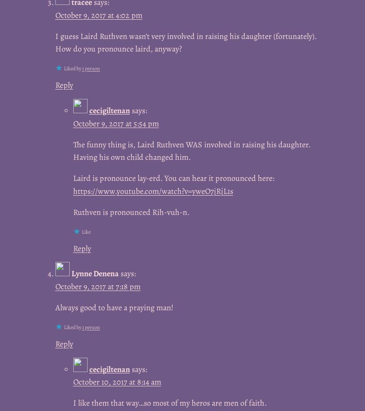  I want to click on 'Lynne Denena', so click(71, 273).